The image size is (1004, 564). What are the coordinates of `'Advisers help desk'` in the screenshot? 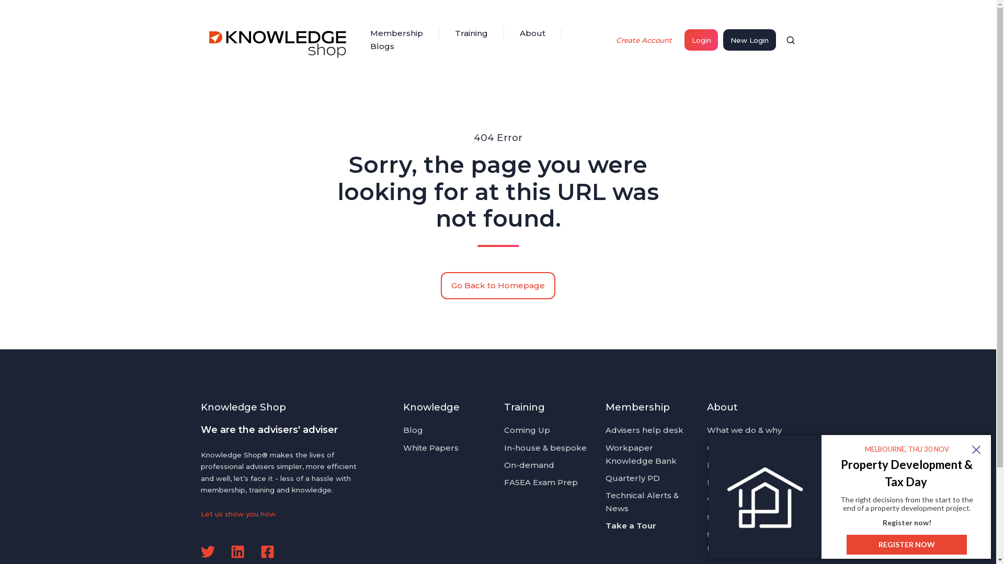 It's located at (644, 430).